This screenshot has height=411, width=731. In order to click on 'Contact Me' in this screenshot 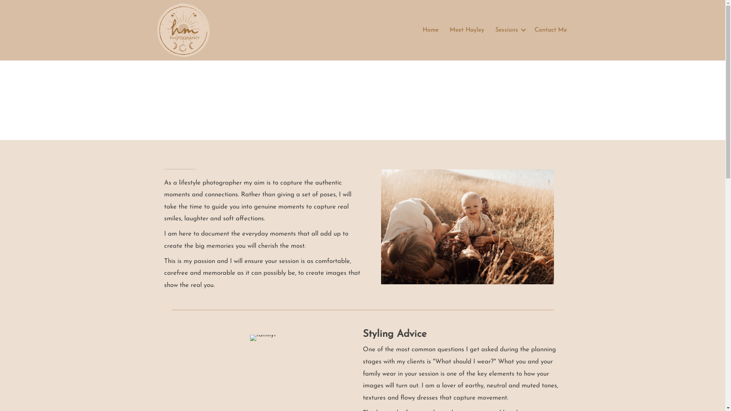, I will do `click(551, 29)`.